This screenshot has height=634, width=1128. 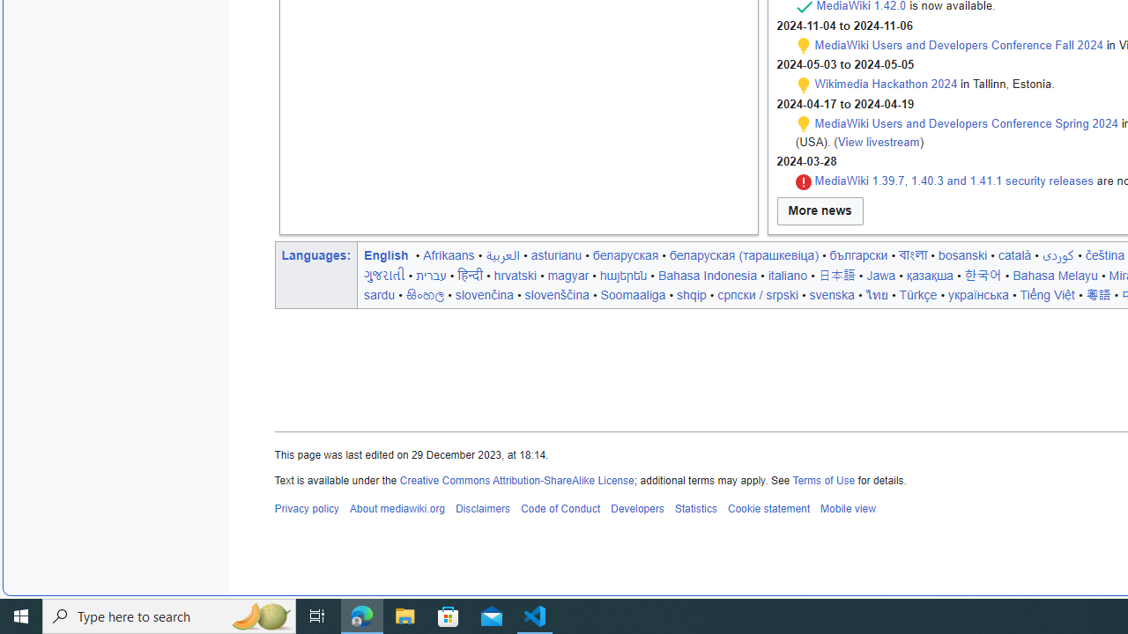 I want to click on 'MediaWiki Users and Developers Conference Spring 2024', so click(x=965, y=122).